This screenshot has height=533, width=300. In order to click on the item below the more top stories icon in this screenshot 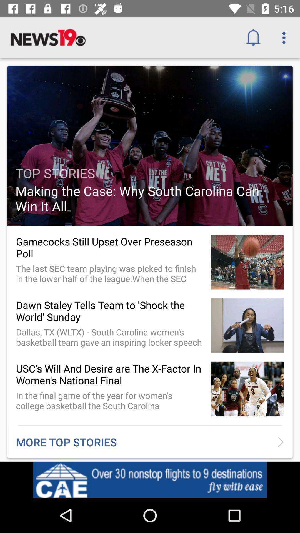, I will do `click(255, 481)`.